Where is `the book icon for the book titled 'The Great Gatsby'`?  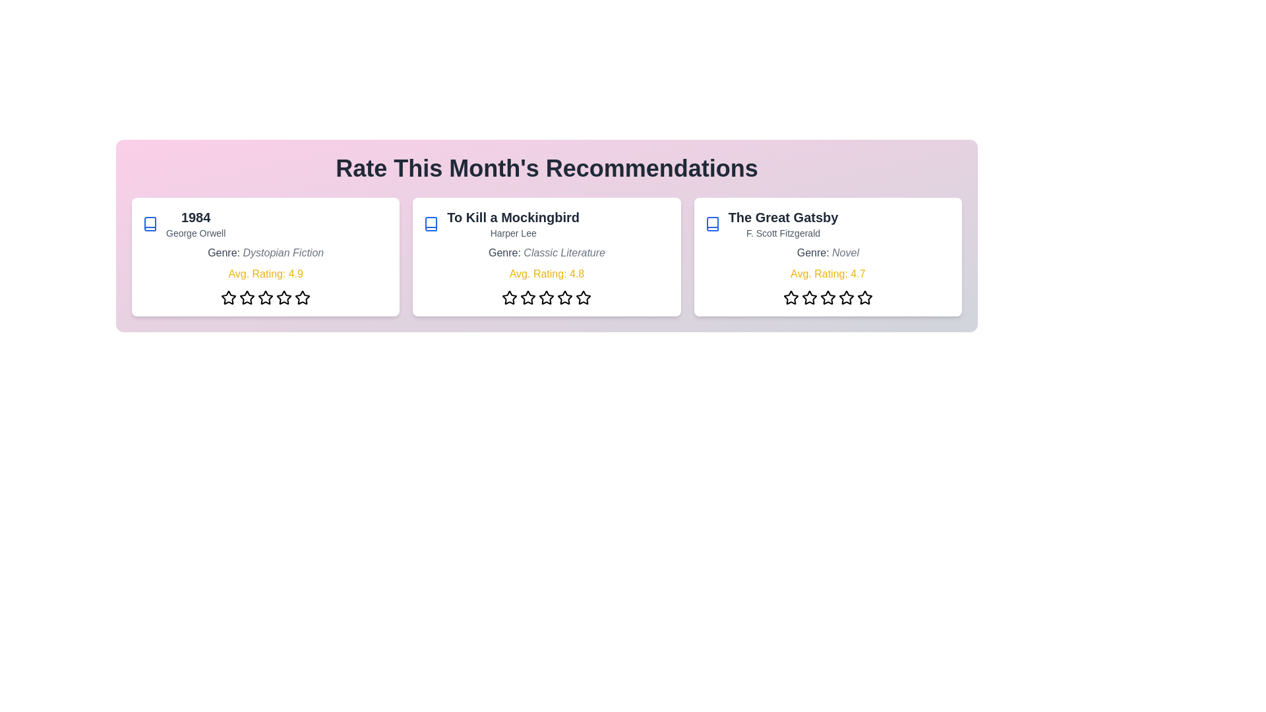 the book icon for the book titled 'The Great Gatsby' is located at coordinates (711, 223).